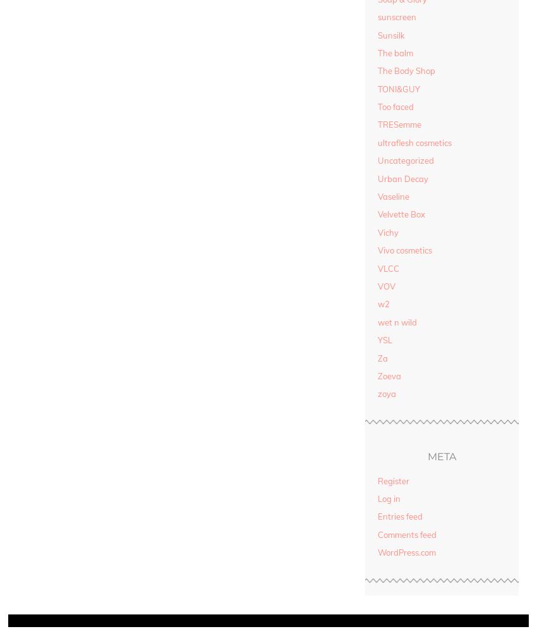 The width and height of the screenshot is (537, 641). What do you see at coordinates (403, 178) in the screenshot?
I see `'Urban Decay'` at bounding box center [403, 178].